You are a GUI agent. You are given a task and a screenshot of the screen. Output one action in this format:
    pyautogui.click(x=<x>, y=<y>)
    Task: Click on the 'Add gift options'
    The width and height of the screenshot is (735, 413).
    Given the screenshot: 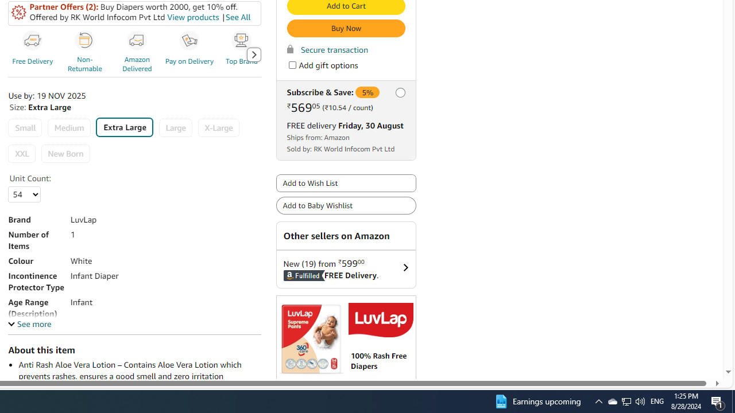 What is the action you would take?
    pyautogui.click(x=292, y=65)
    